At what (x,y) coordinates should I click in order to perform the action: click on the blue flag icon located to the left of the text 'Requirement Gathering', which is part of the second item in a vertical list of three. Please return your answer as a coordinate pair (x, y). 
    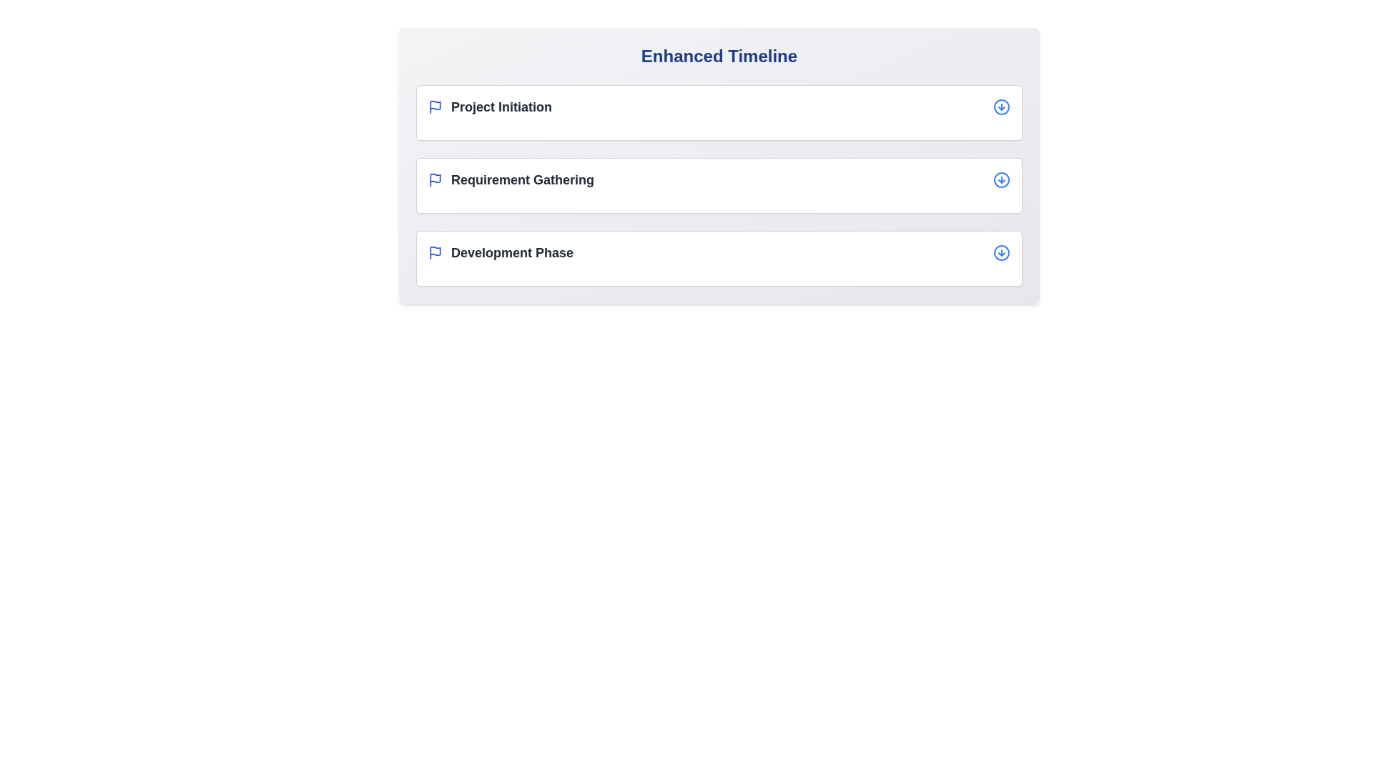
    Looking at the image, I should click on (435, 179).